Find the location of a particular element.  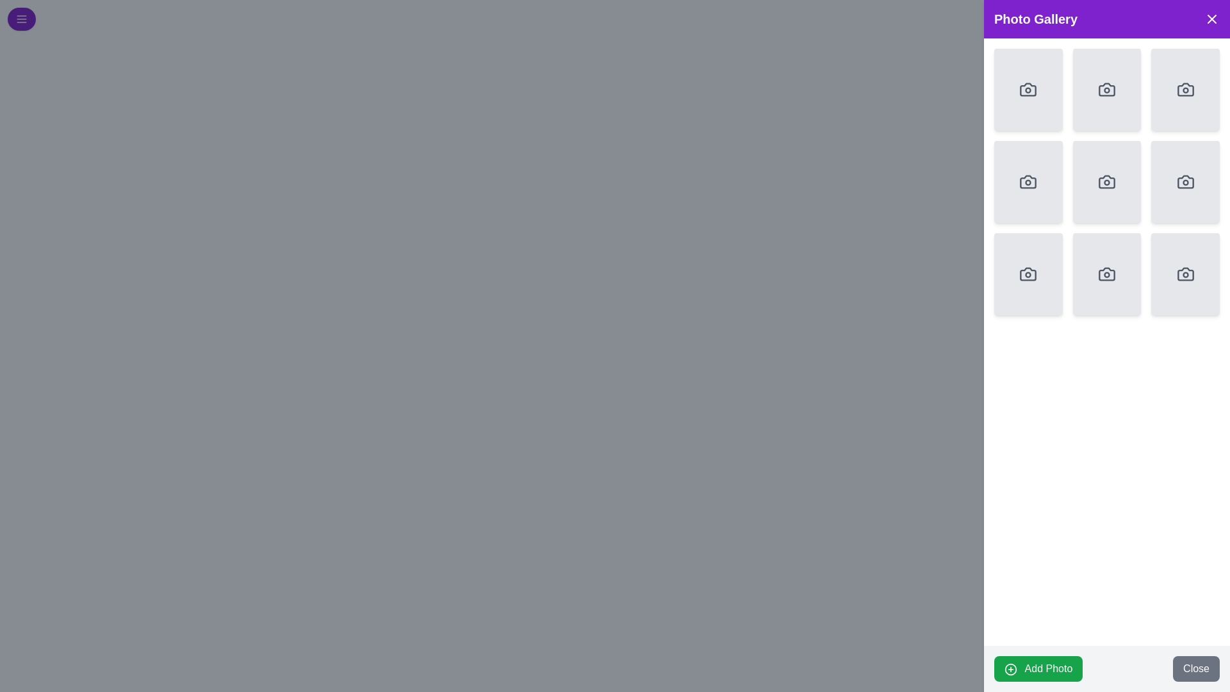

the stylized camera icon in the 'Photo Gallery' section, which is the fifth icon in a 3x3 grid layout, featuring a minimalistic design with rounded edges is located at coordinates (1106, 182).